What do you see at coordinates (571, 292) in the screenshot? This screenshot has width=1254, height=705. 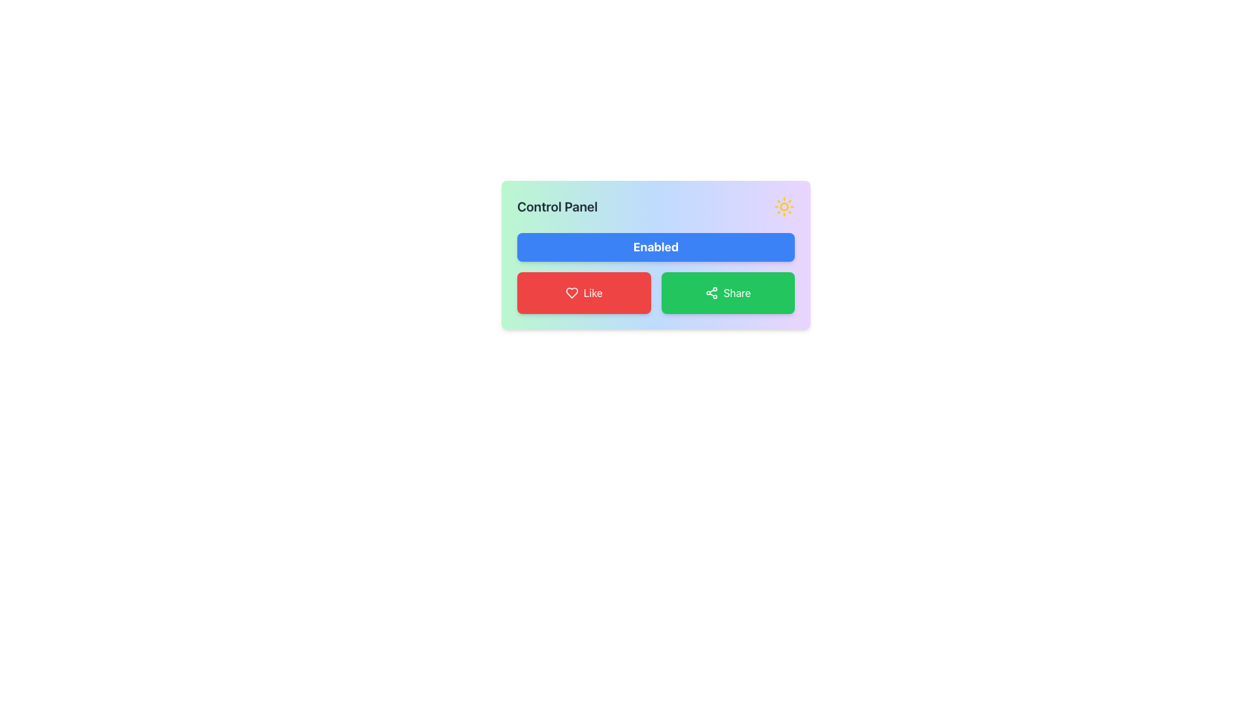 I see `the heart-shaped icon with a red fill inside the red 'Like' button, located in the lower-left corner of the Control Panel` at bounding box center [571, 292].